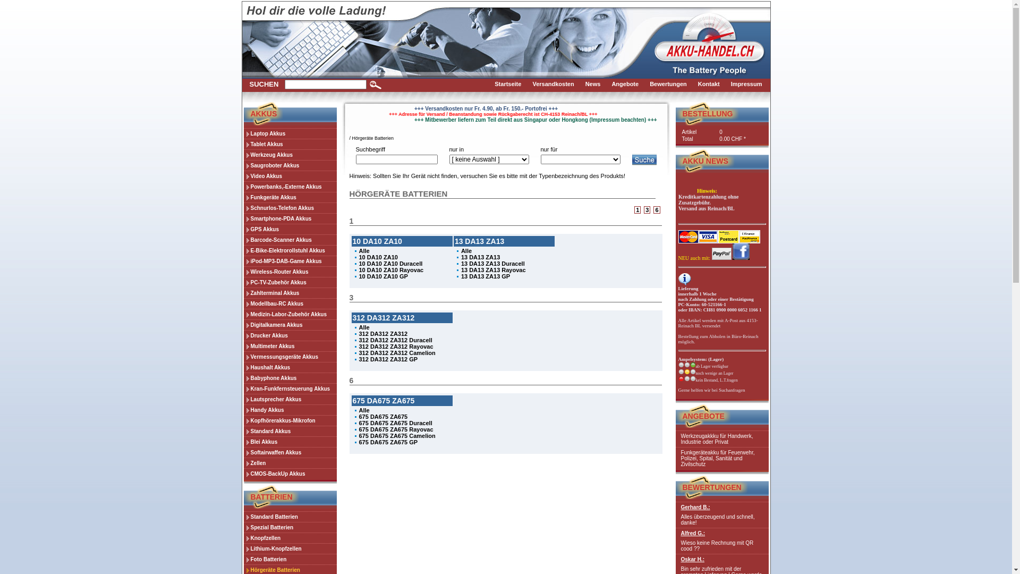  What do you see at coordinates (242, 229) in the screenshot?
I see `'GPS Akkus'` at bounding box center [242, 229].